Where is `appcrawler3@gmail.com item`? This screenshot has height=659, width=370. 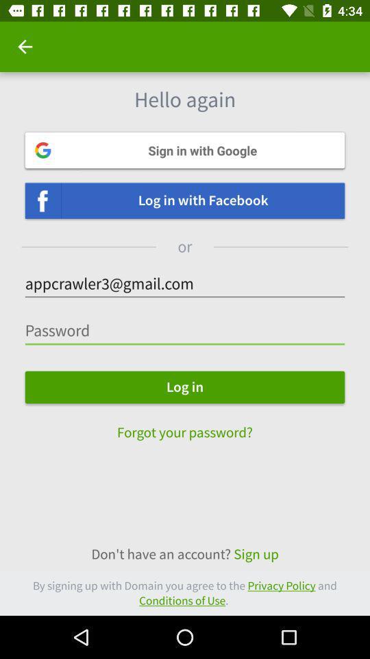 appcrawler3@gmail.com item is located at coordinates (185, 284).